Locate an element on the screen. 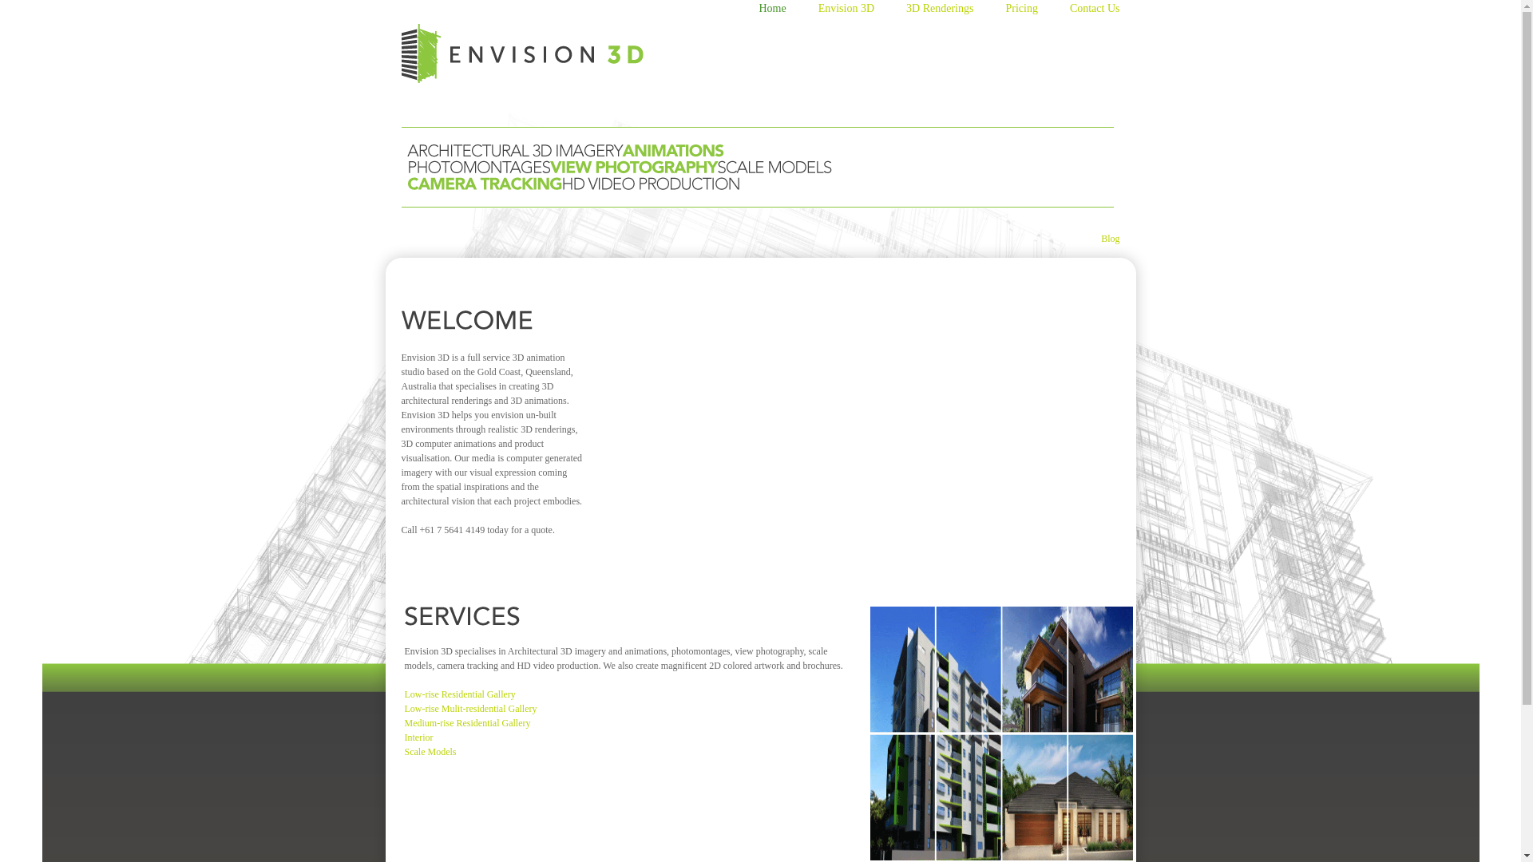 The height and width of the screenshot is (862, 1533). 'Scale Models' is located at coordinates (430, 751).